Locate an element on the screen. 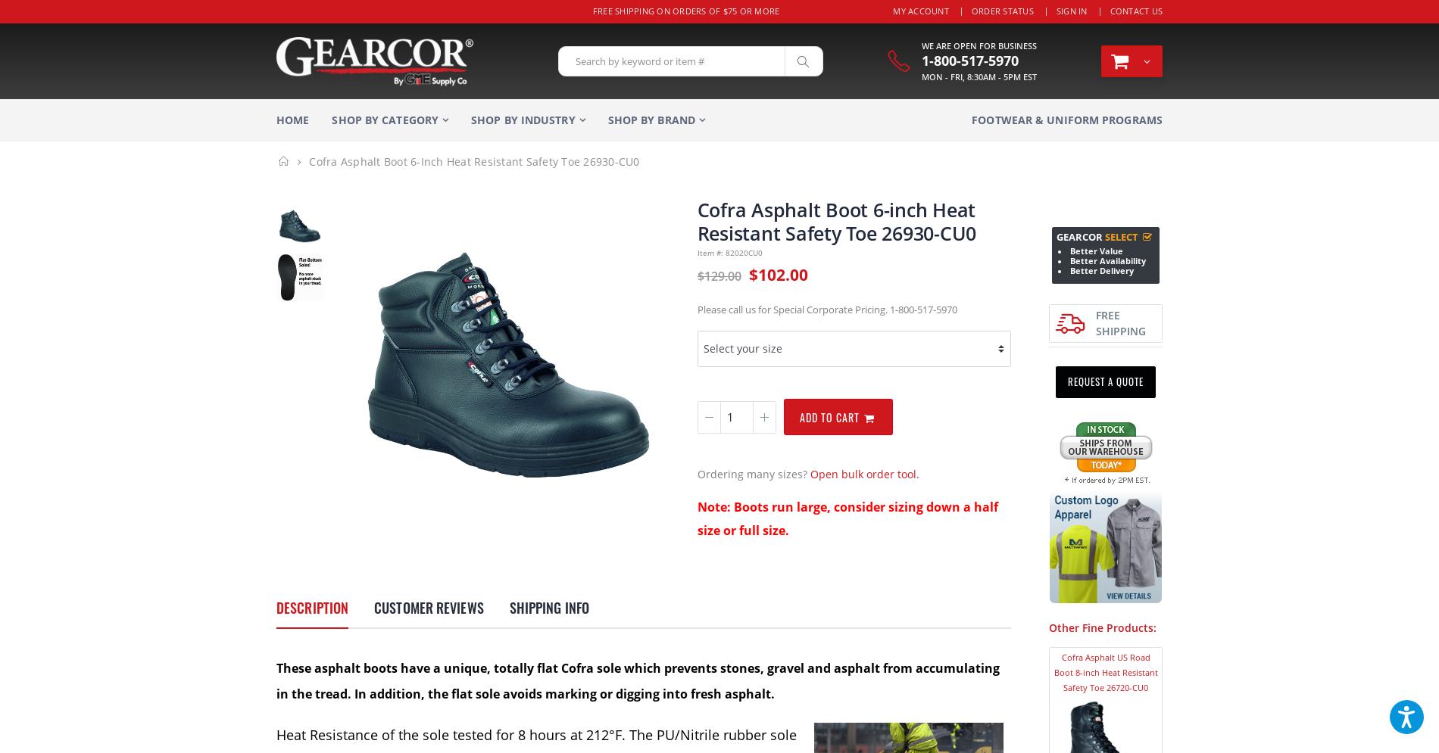 Image resolution: width=1439 pixels, height=753 pixels. 'Better Value' is located at coordinates (1096, 251).